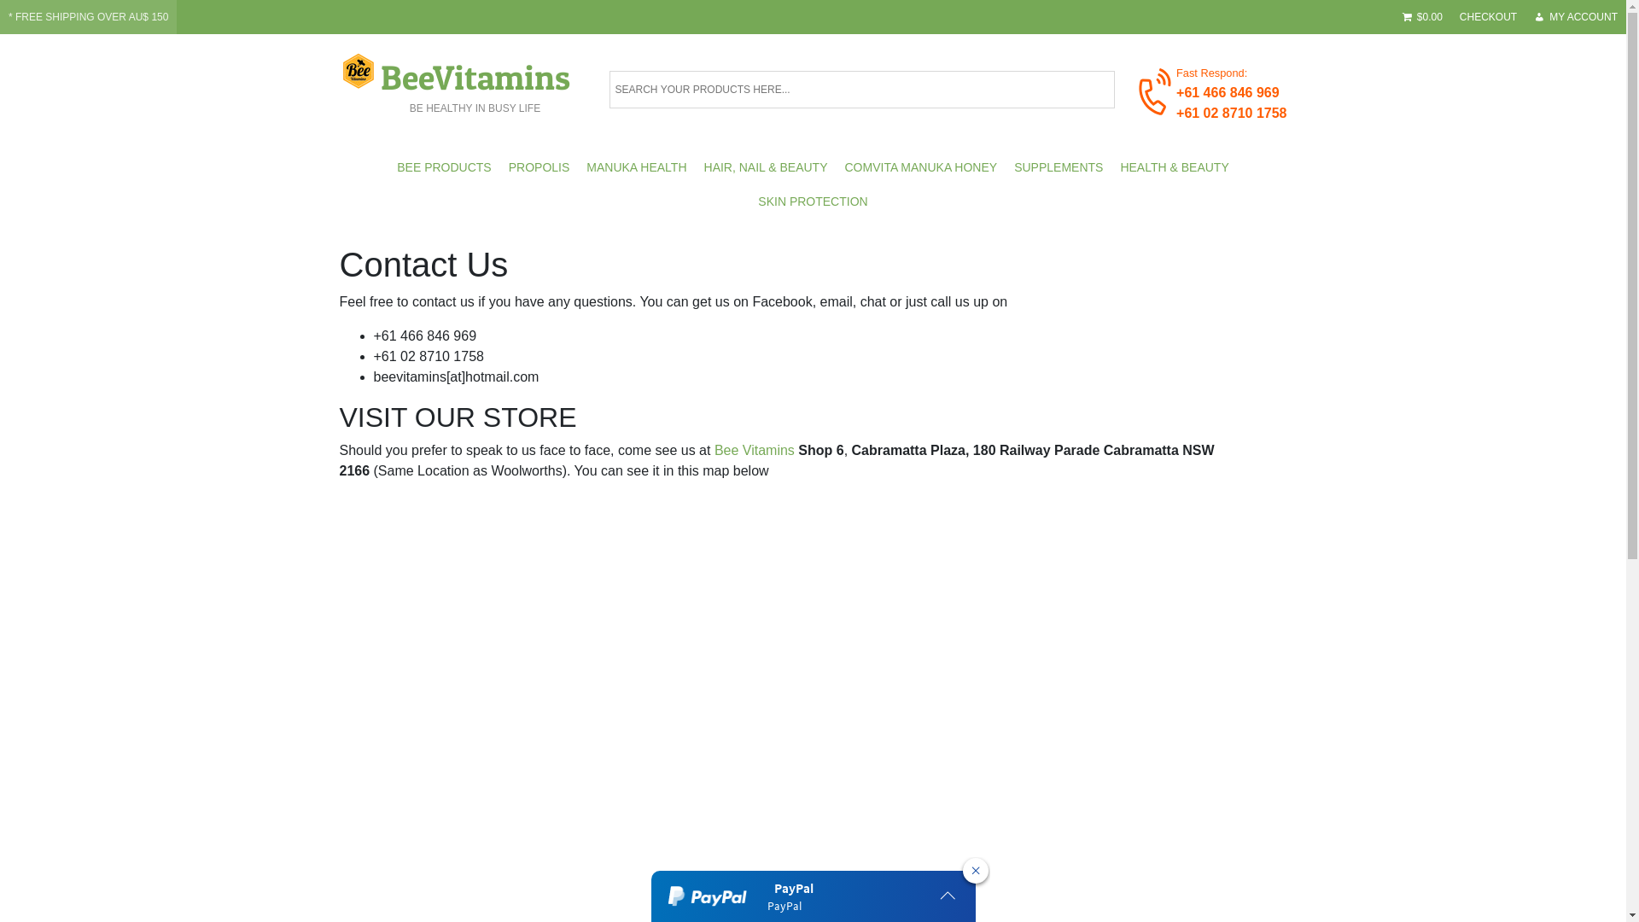  I want to click on 'MY ACCOUNT', so click(1575, 16).